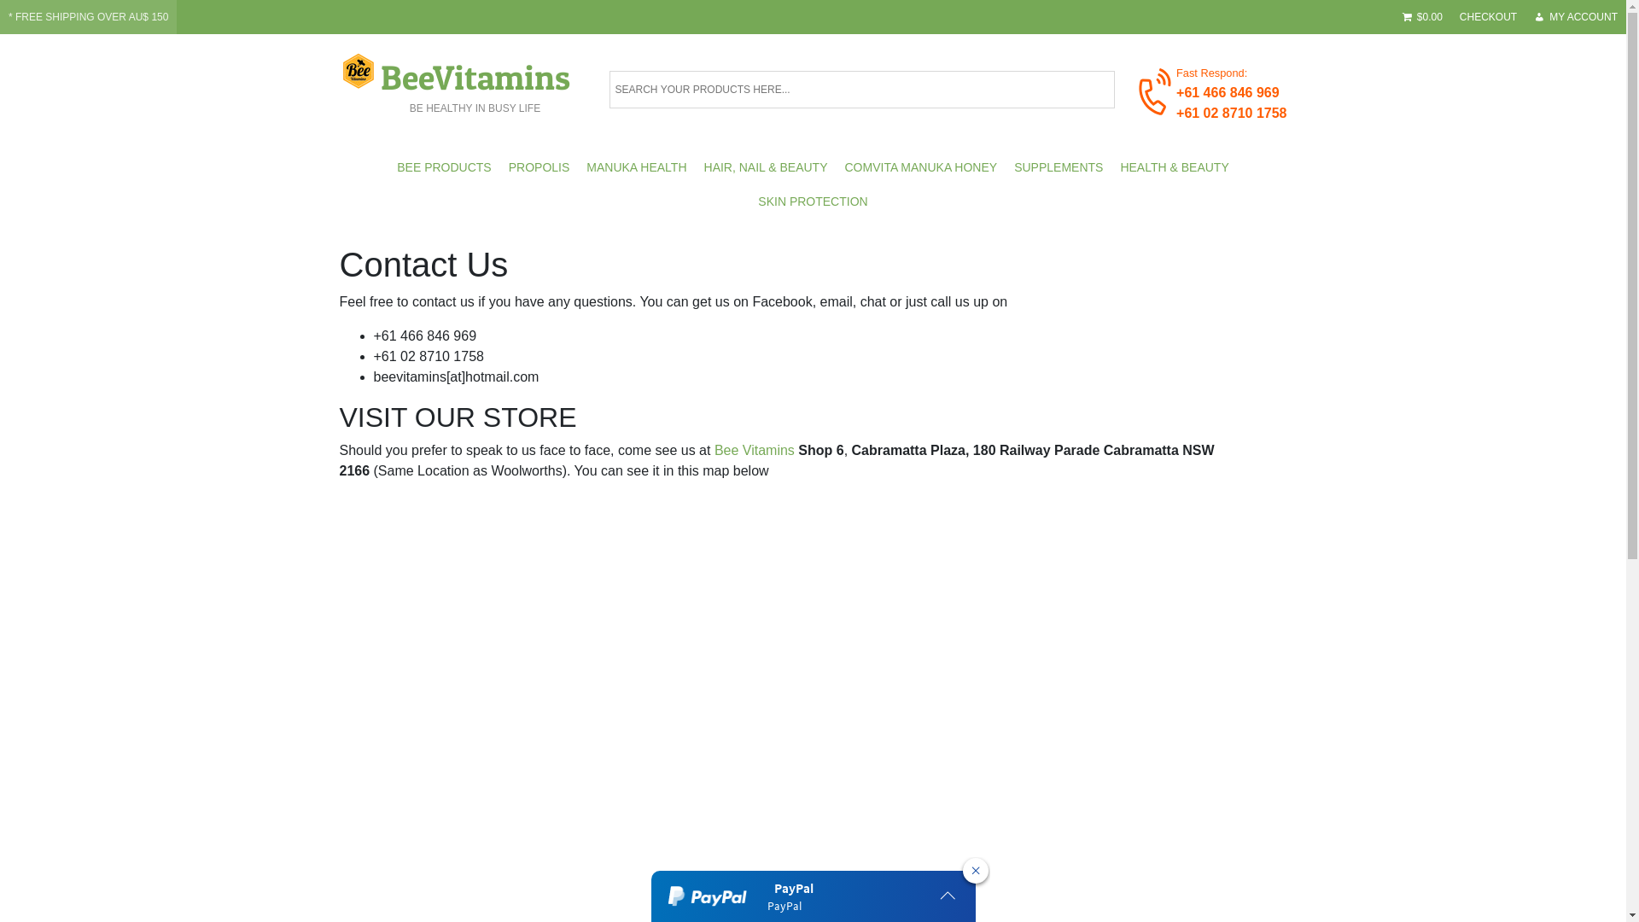  I want to click on 'MY ACCOUNT', so click(1575, 16).